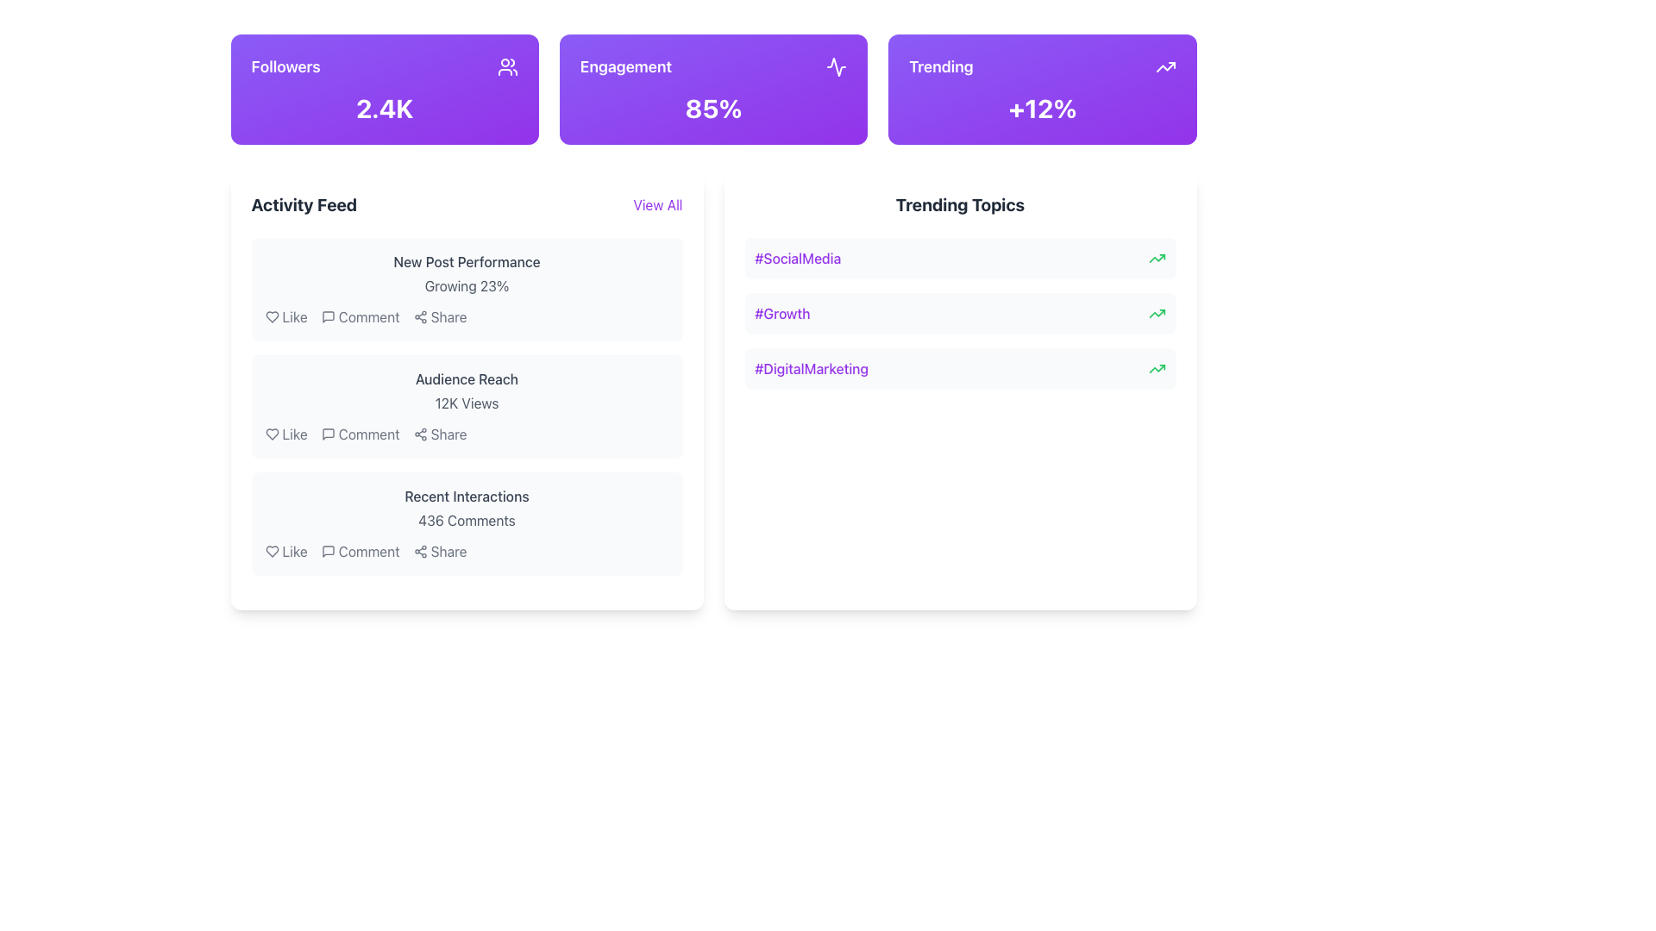 Image resolution: width=1656 pixels, height=931 pixels. Describe the element at coordinates (271, 552) in the screenshot. I see `the 'Like' icon button located in the bottom-most interaction row of the 'Activity Feed' card, specifically aligned with 'Recent Interactions' to express approval for the post` at that location.